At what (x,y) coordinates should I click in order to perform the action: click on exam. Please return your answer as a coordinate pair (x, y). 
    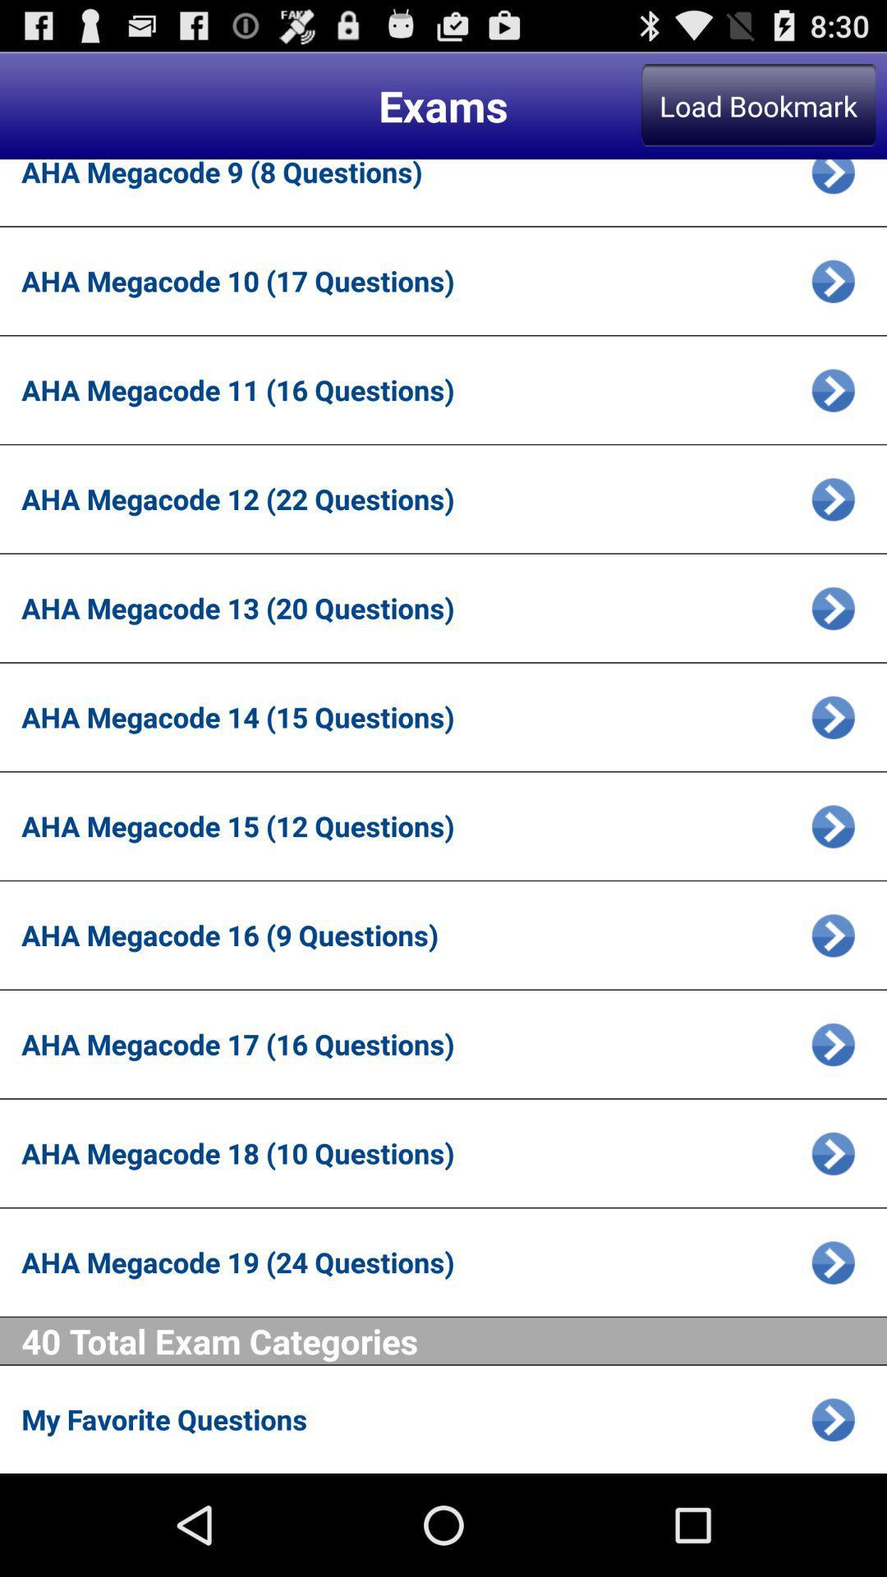
    Looking at the image, I should click on (833, 607).